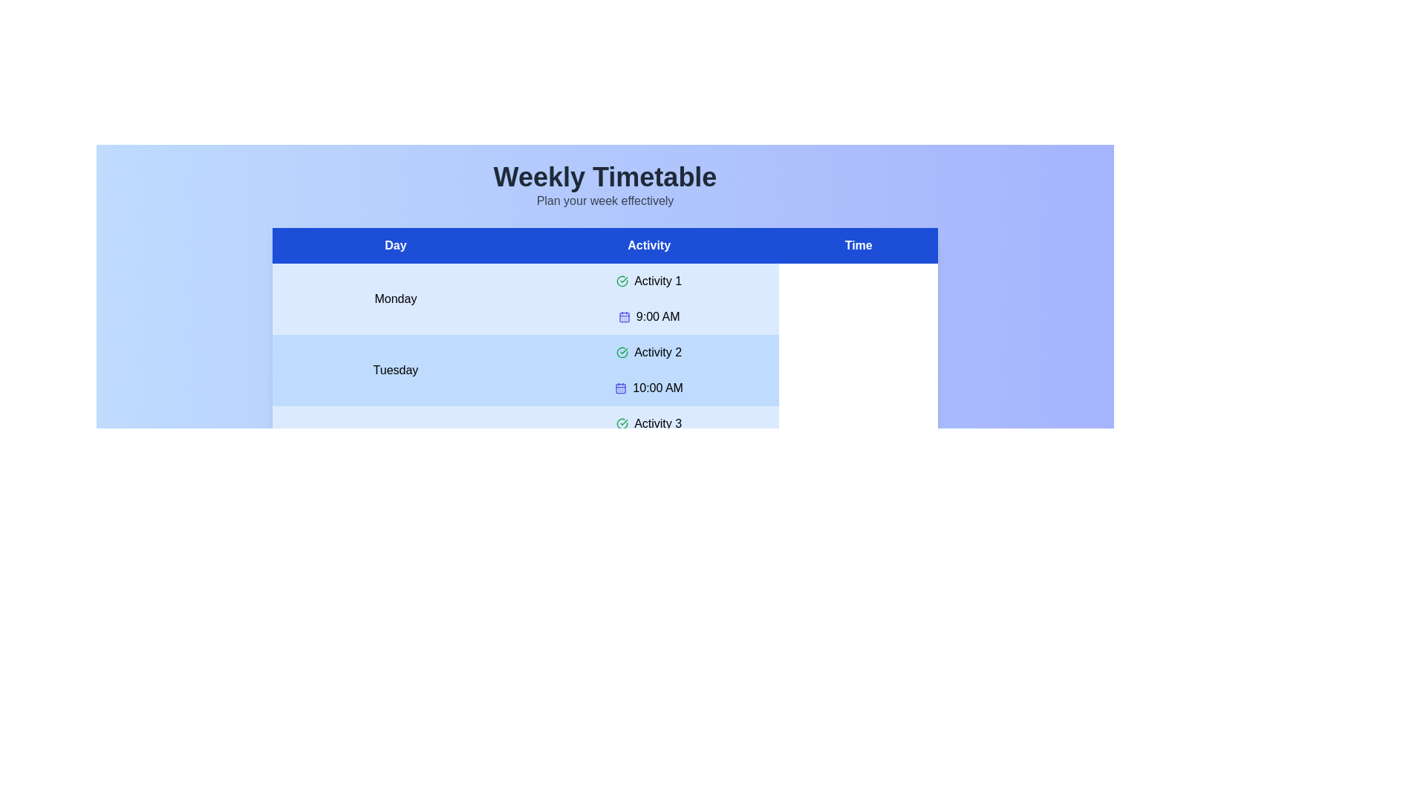  I want to click on the Tuesday activity icon to view details, so click(622, 352).